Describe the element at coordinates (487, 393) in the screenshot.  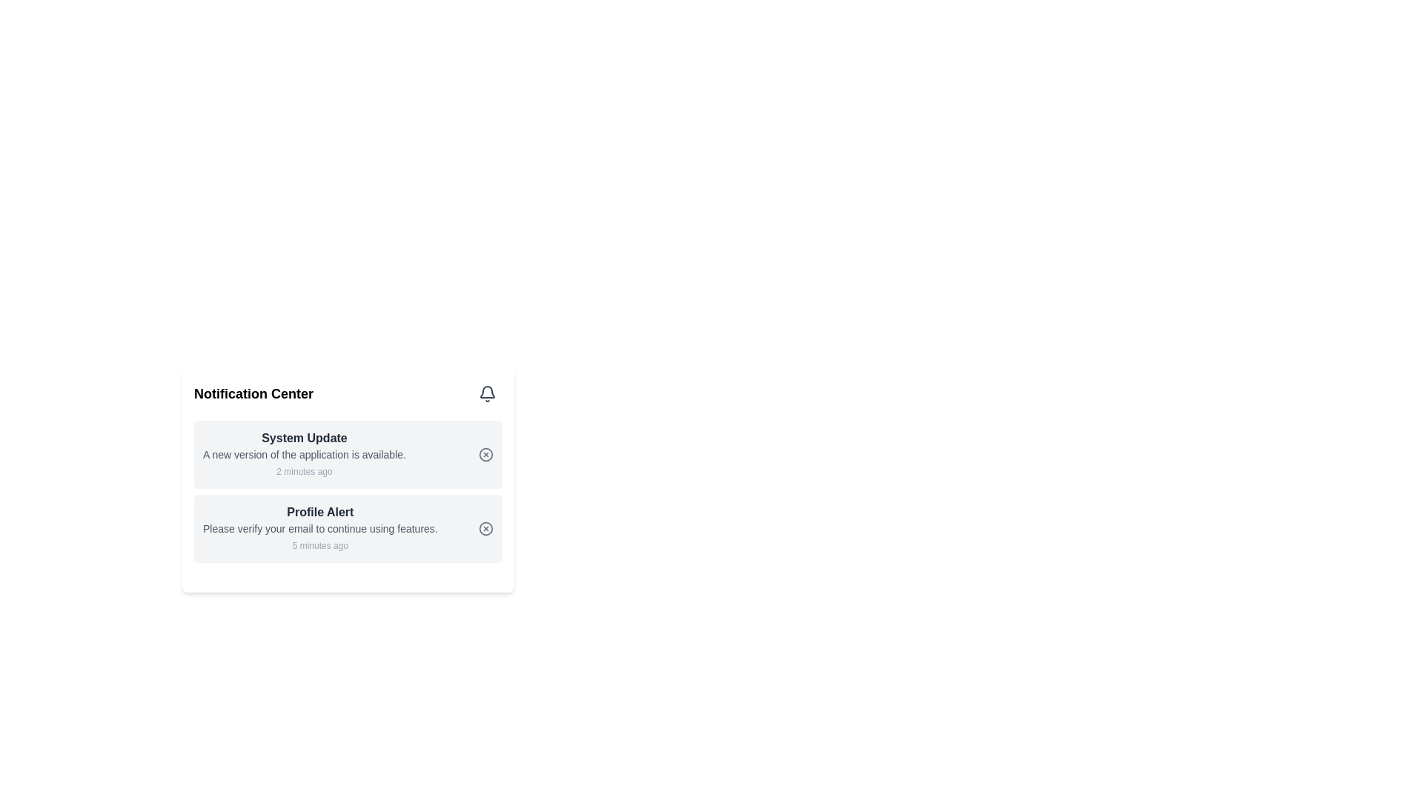
I see `the bell-shaped icon button in the top-right corner of the notification center` at that location.